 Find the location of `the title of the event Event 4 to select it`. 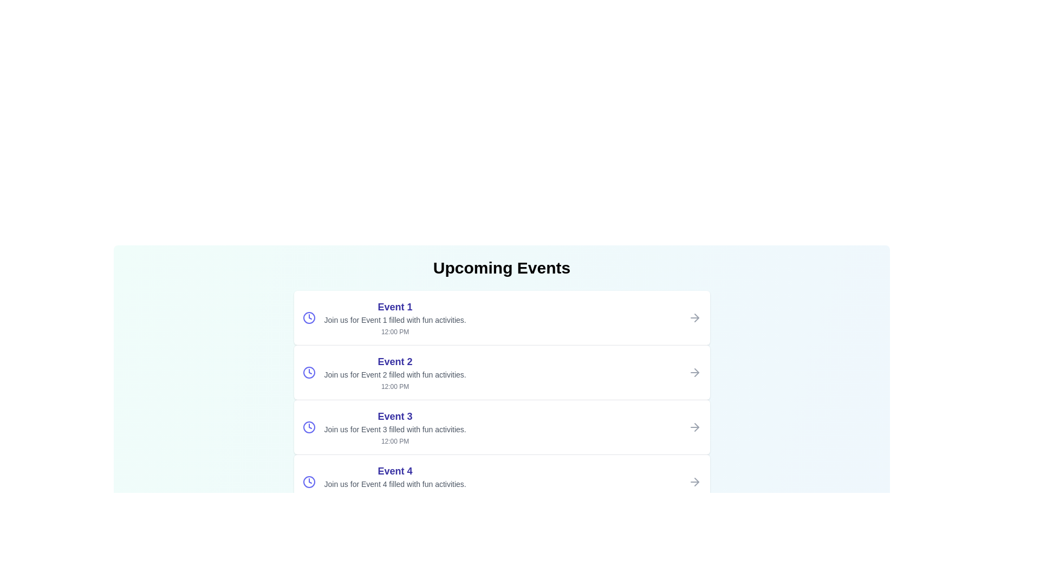

the title of the event Event 4 to select it is located at coordinates (394, 471).